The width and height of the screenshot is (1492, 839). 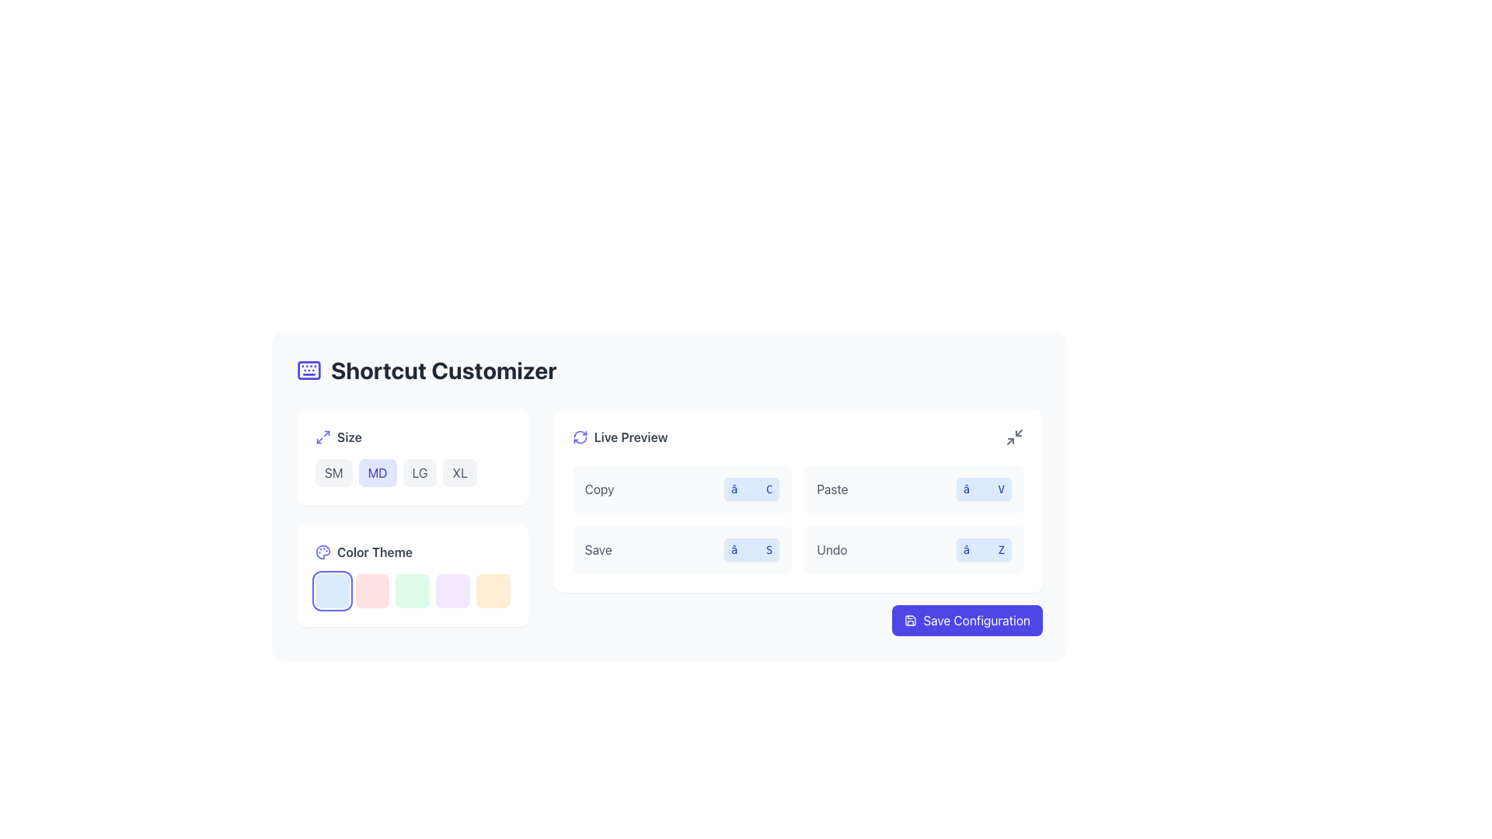 I want to click on the 'Undo' text label, which is styled with a gray font color and is positioned in the bottom-right area of the command list labeled 'Live Preview', to associate it with its adjacent shortcut, so click(x=831, y=549).